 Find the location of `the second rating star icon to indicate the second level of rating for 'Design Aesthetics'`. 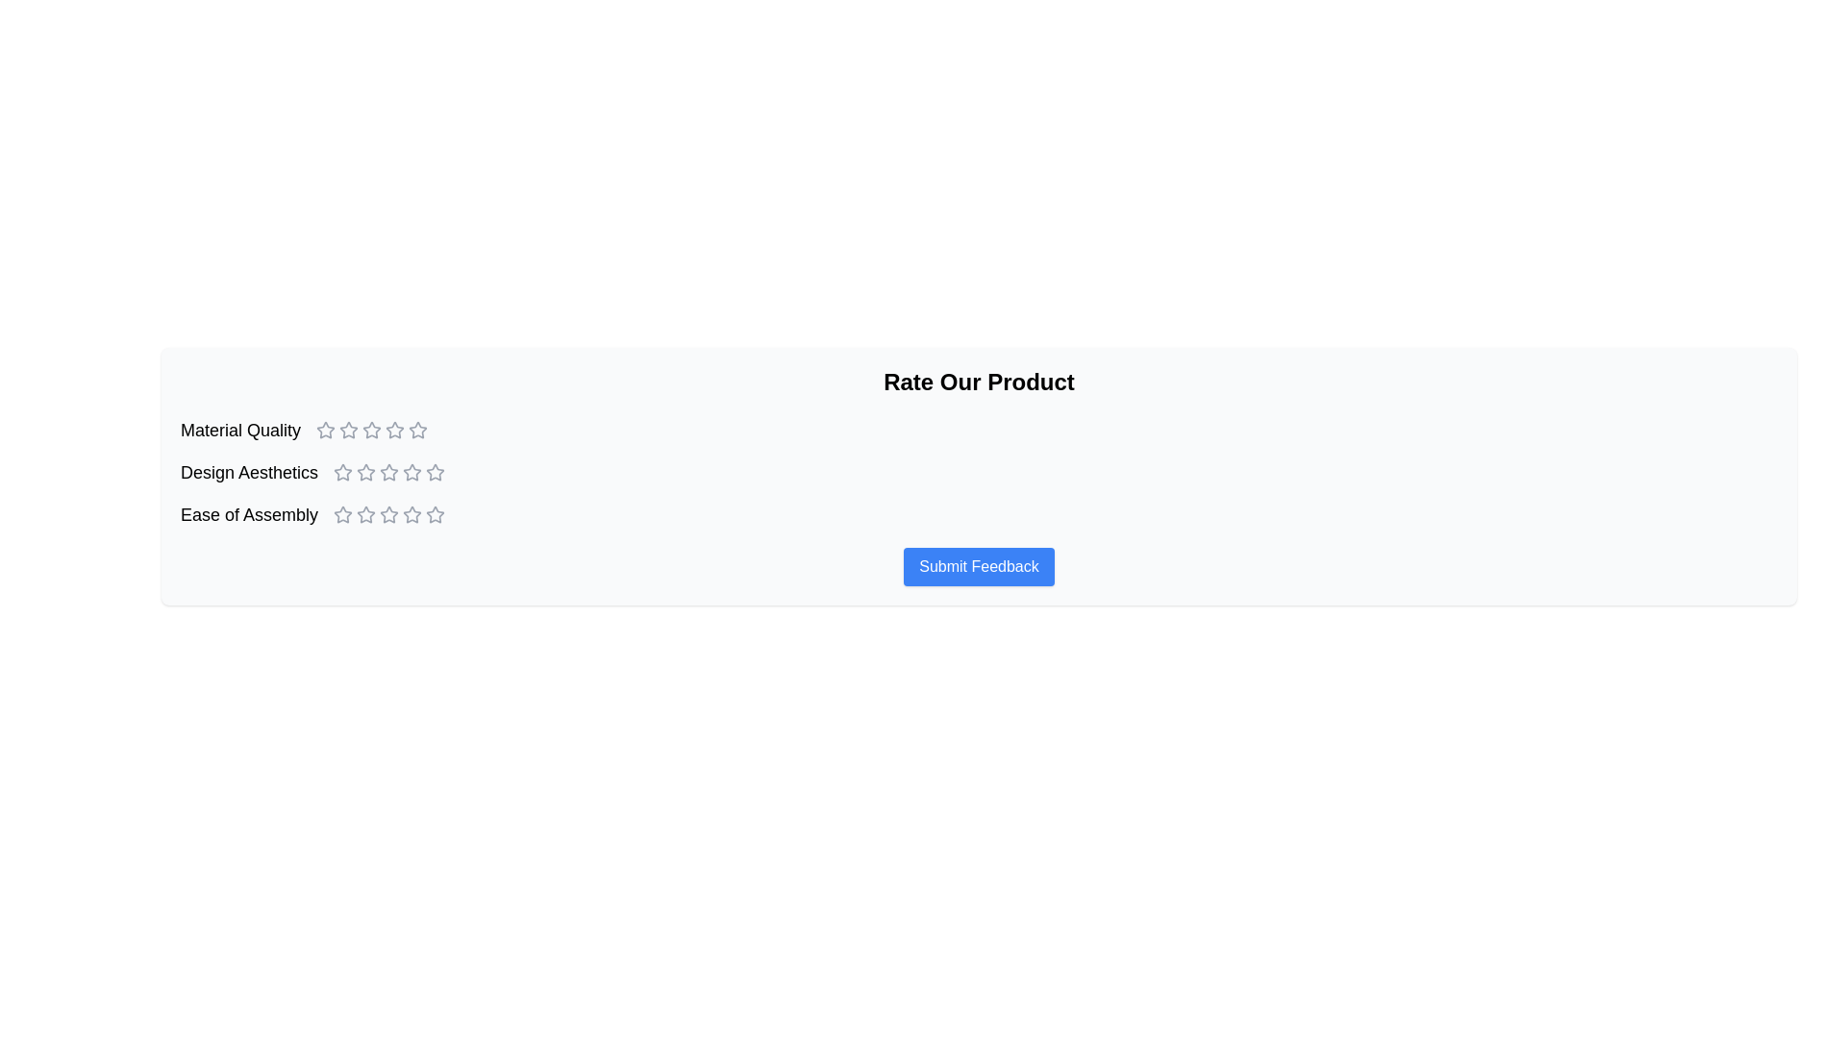

the second rating star icon to indicate the second level of rating for 'Design Aesthetics' is located at coordinates (366, 472).